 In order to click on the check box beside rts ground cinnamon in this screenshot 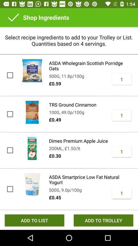, I will do `click(10, 114)`.